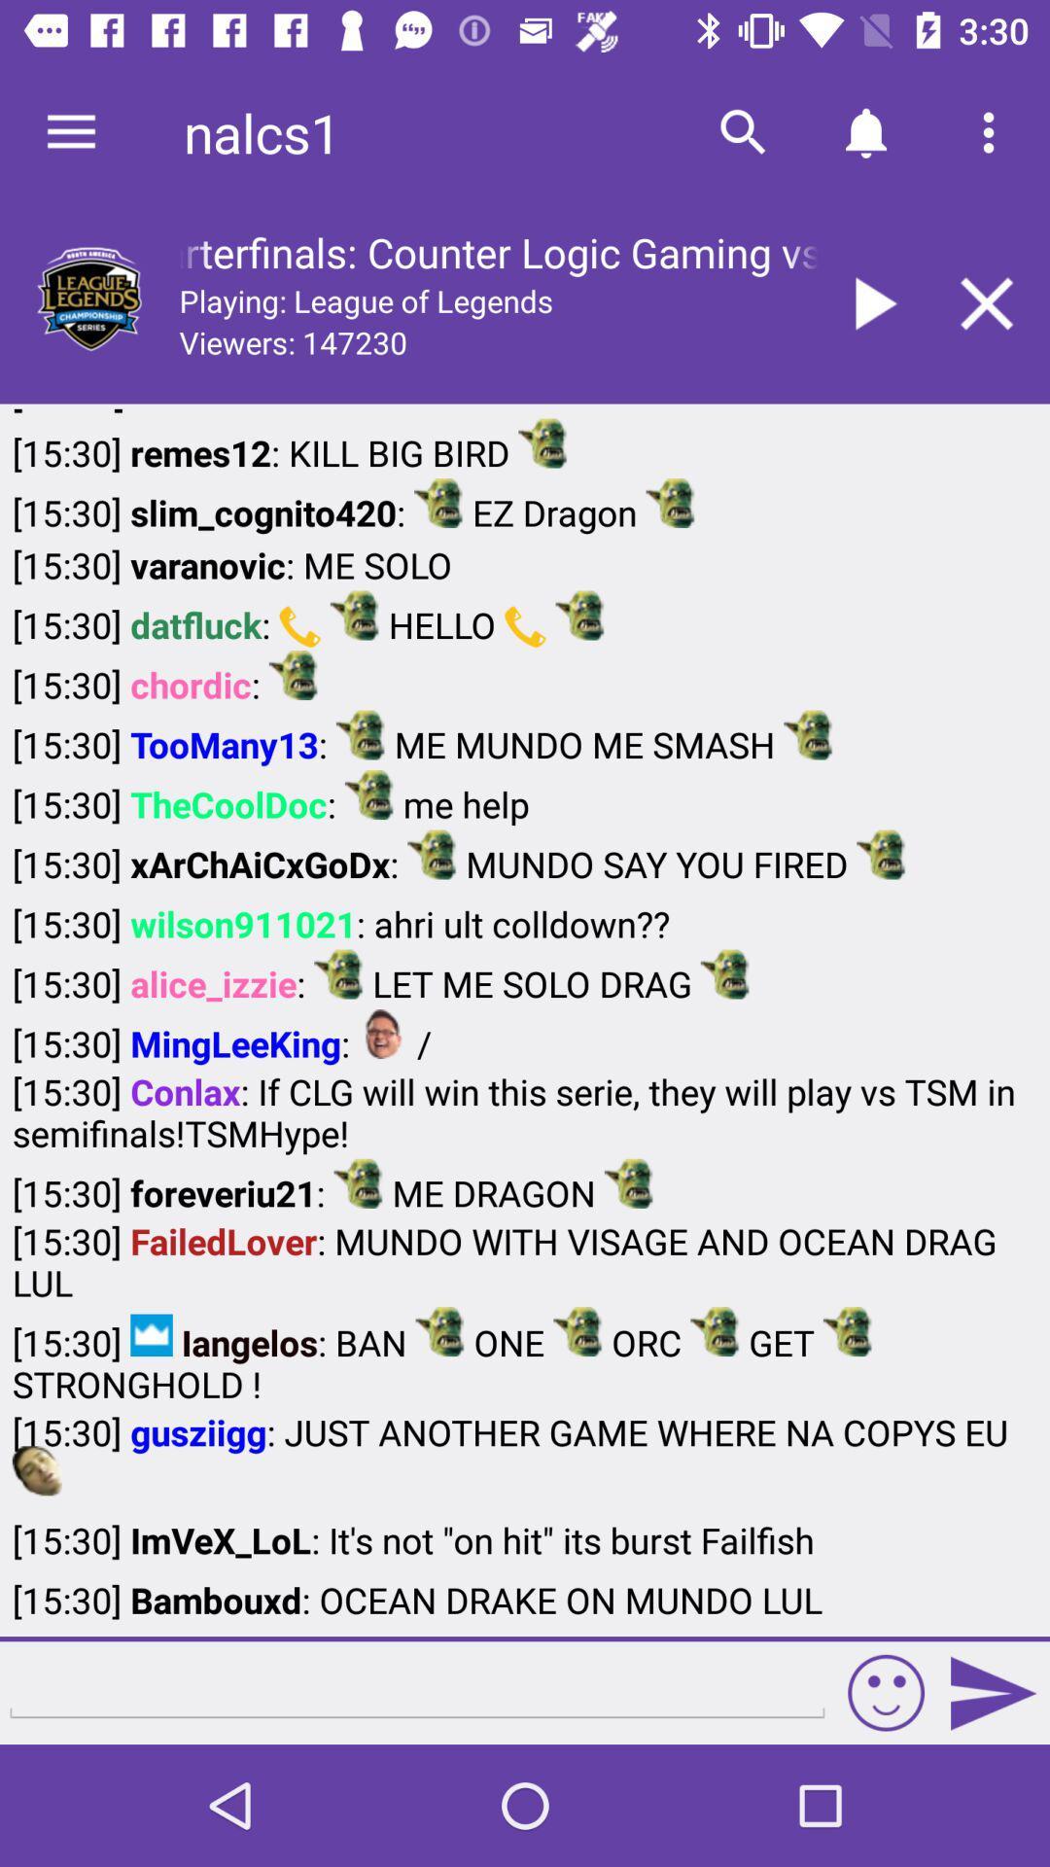 The image size is (1050, 1867). Describe the element at coordinates (869, 302) in the screenshot. I see `the play icon` at that location.